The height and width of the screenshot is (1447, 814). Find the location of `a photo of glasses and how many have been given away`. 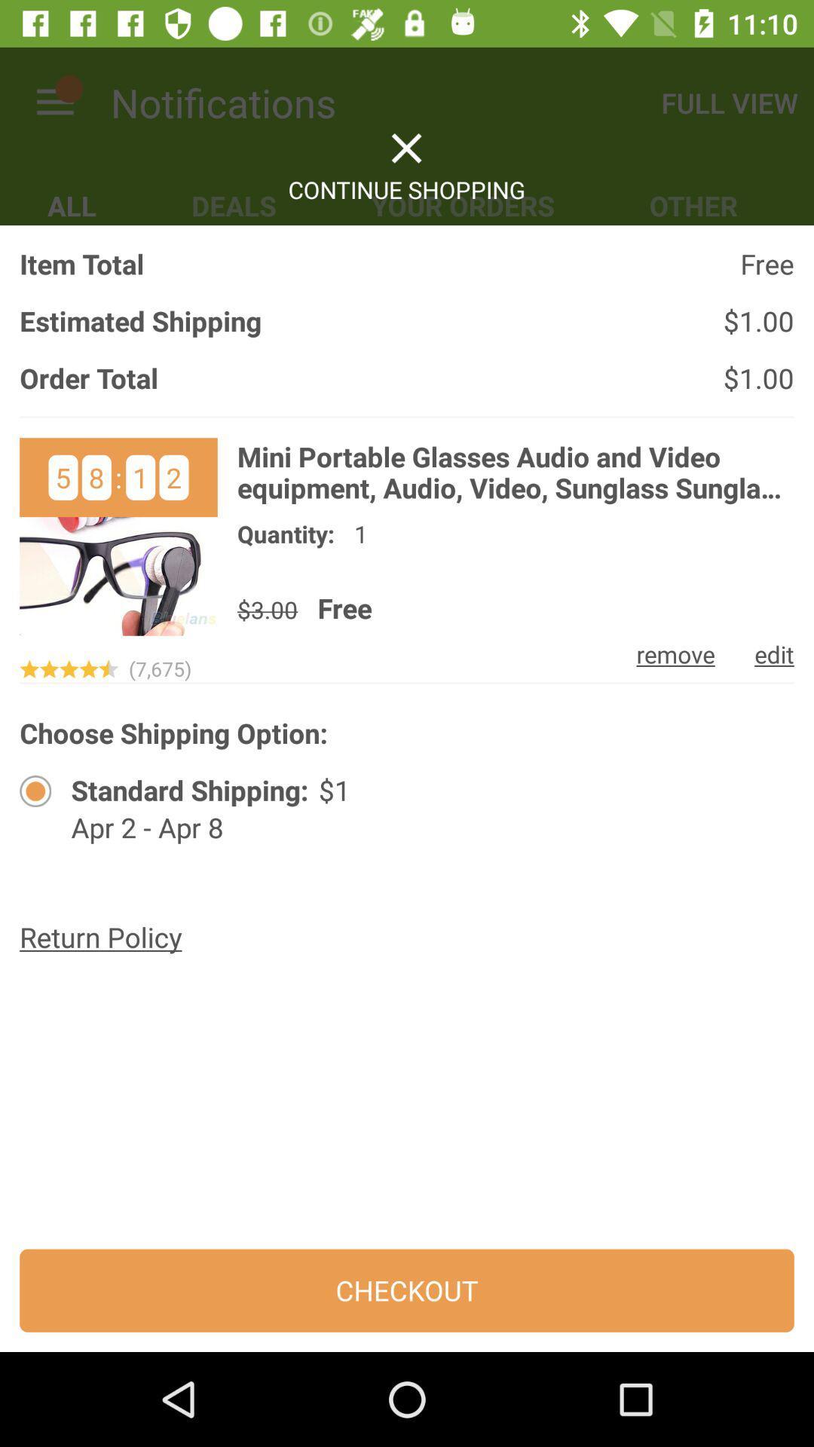

a photo of glasses and how many have been given away is located at coordinates (118, 537).